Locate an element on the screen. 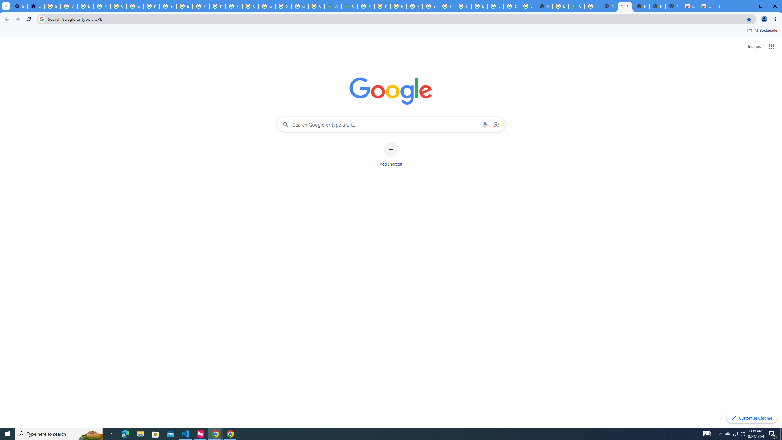 Image resolution: width=782 pixels, height=440 pixels. 'https://scholar.google.com/' is located at coordinates (184, 6).